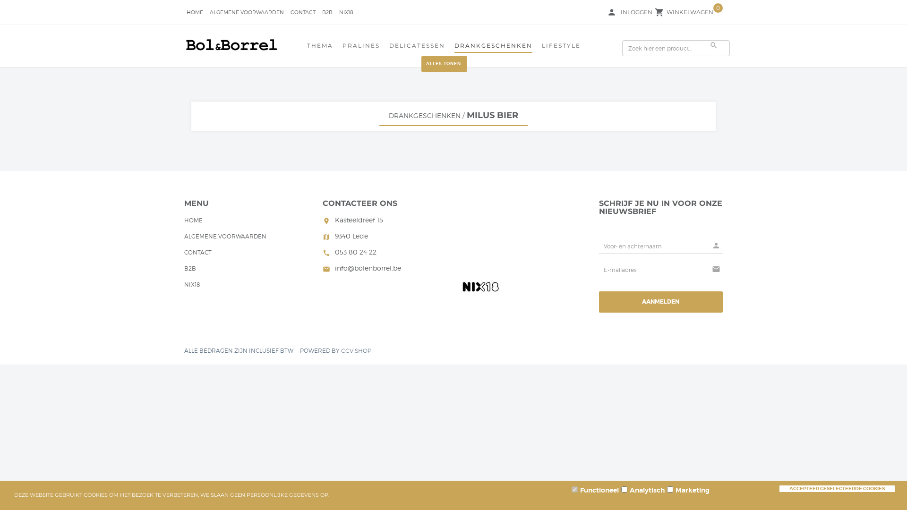 The image size is (907, 510). What do you see at coordinates (612, 12) in the screenshot?
I see `'person'` at bounding box center [612, 12].